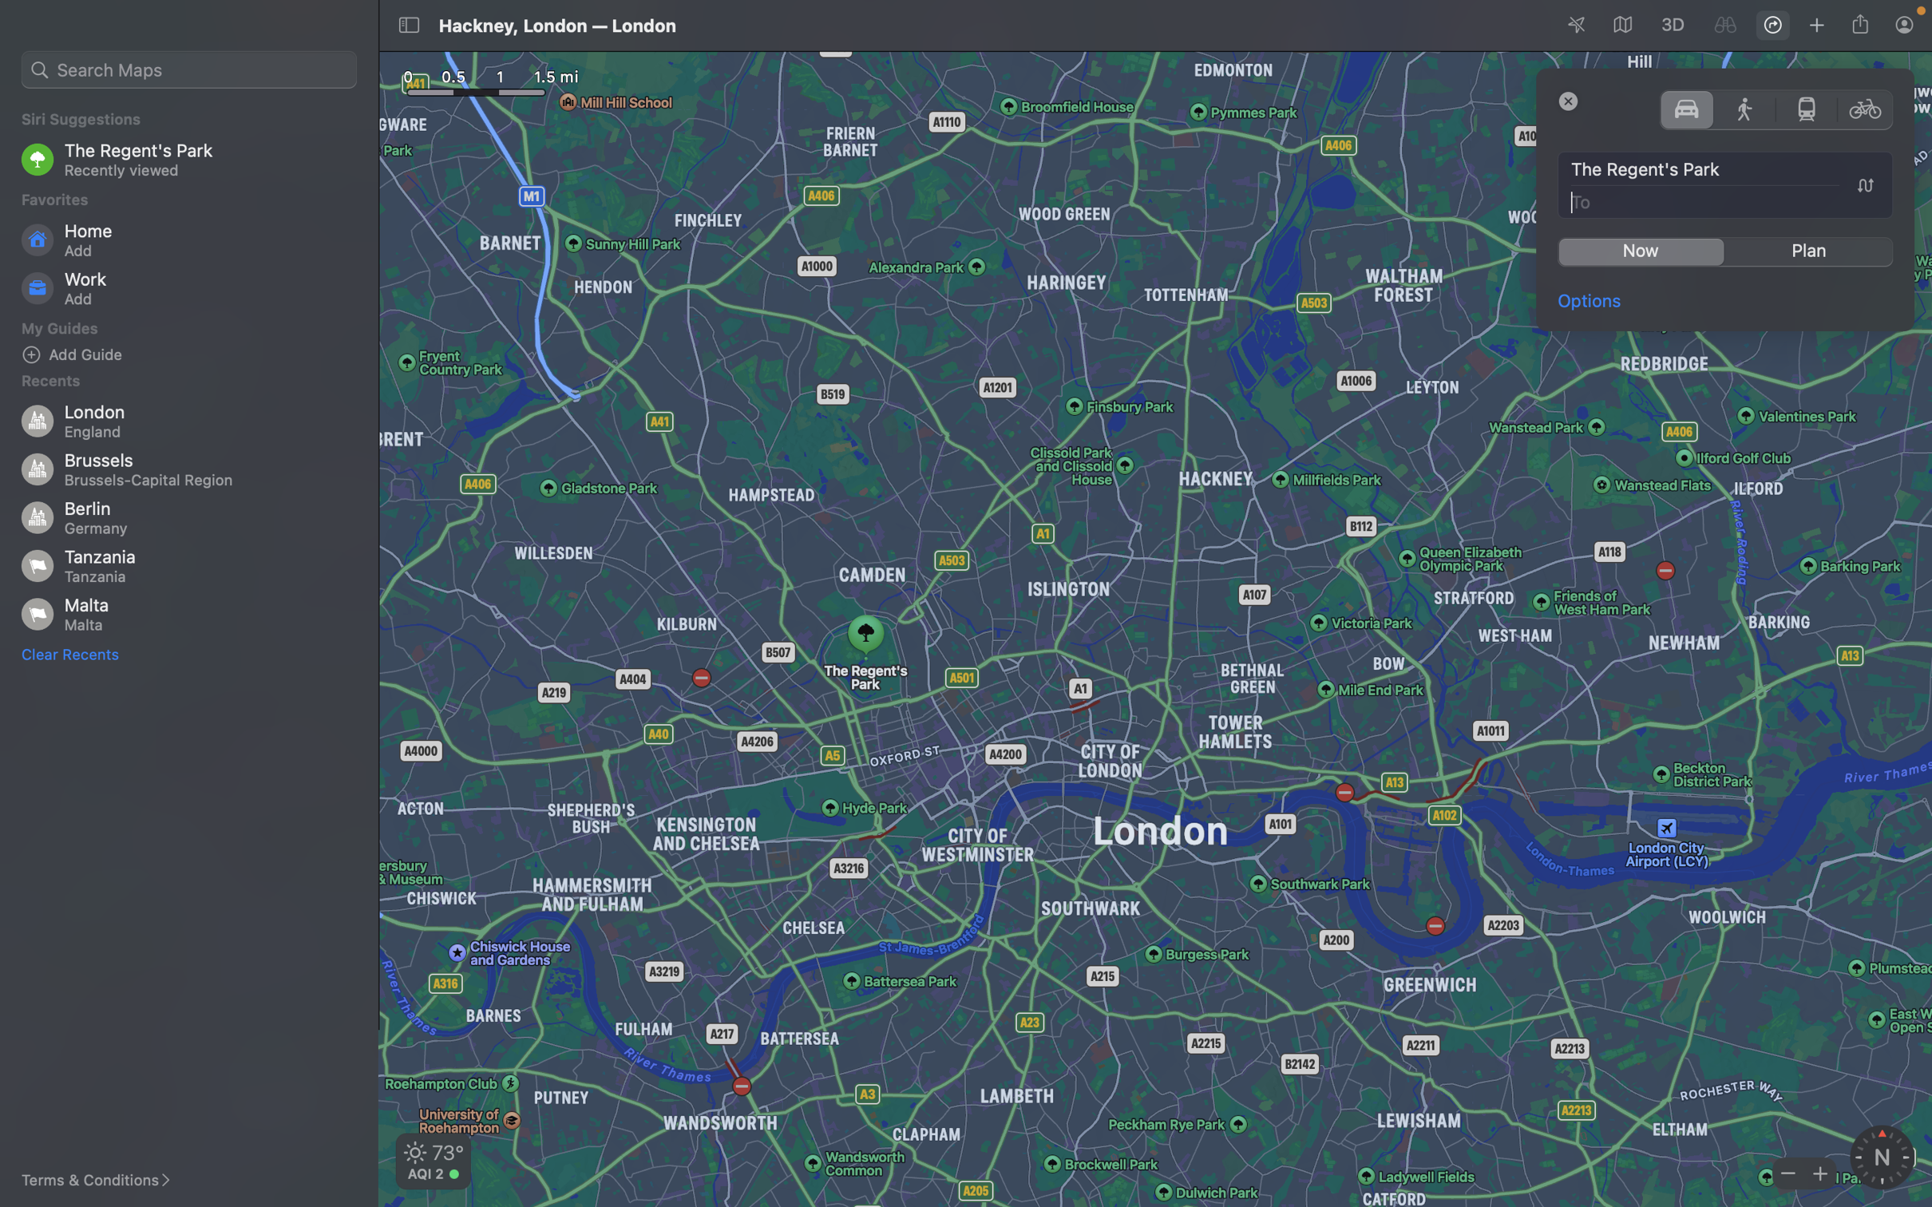 The image size is (1932, 1207). What do you see at coordinates (1569, 100) in the screenshot?
I see `Terminate the current program by clicking the "close" icon` at bounding box center [1569, 100].